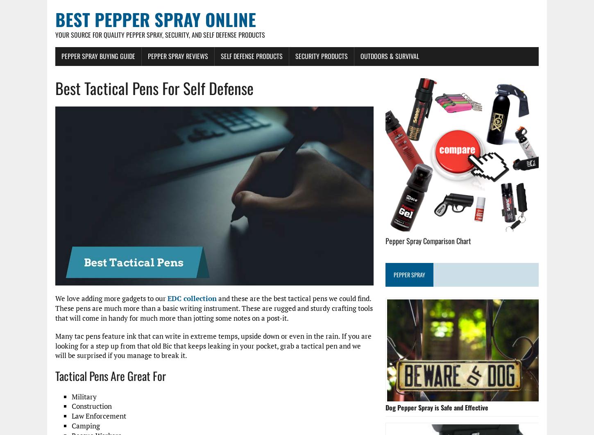 This screenshot has height=435, width=594. Describe the element at coordinates (191, 298) in the screenshot. I see `'EDC collection'` at that location.